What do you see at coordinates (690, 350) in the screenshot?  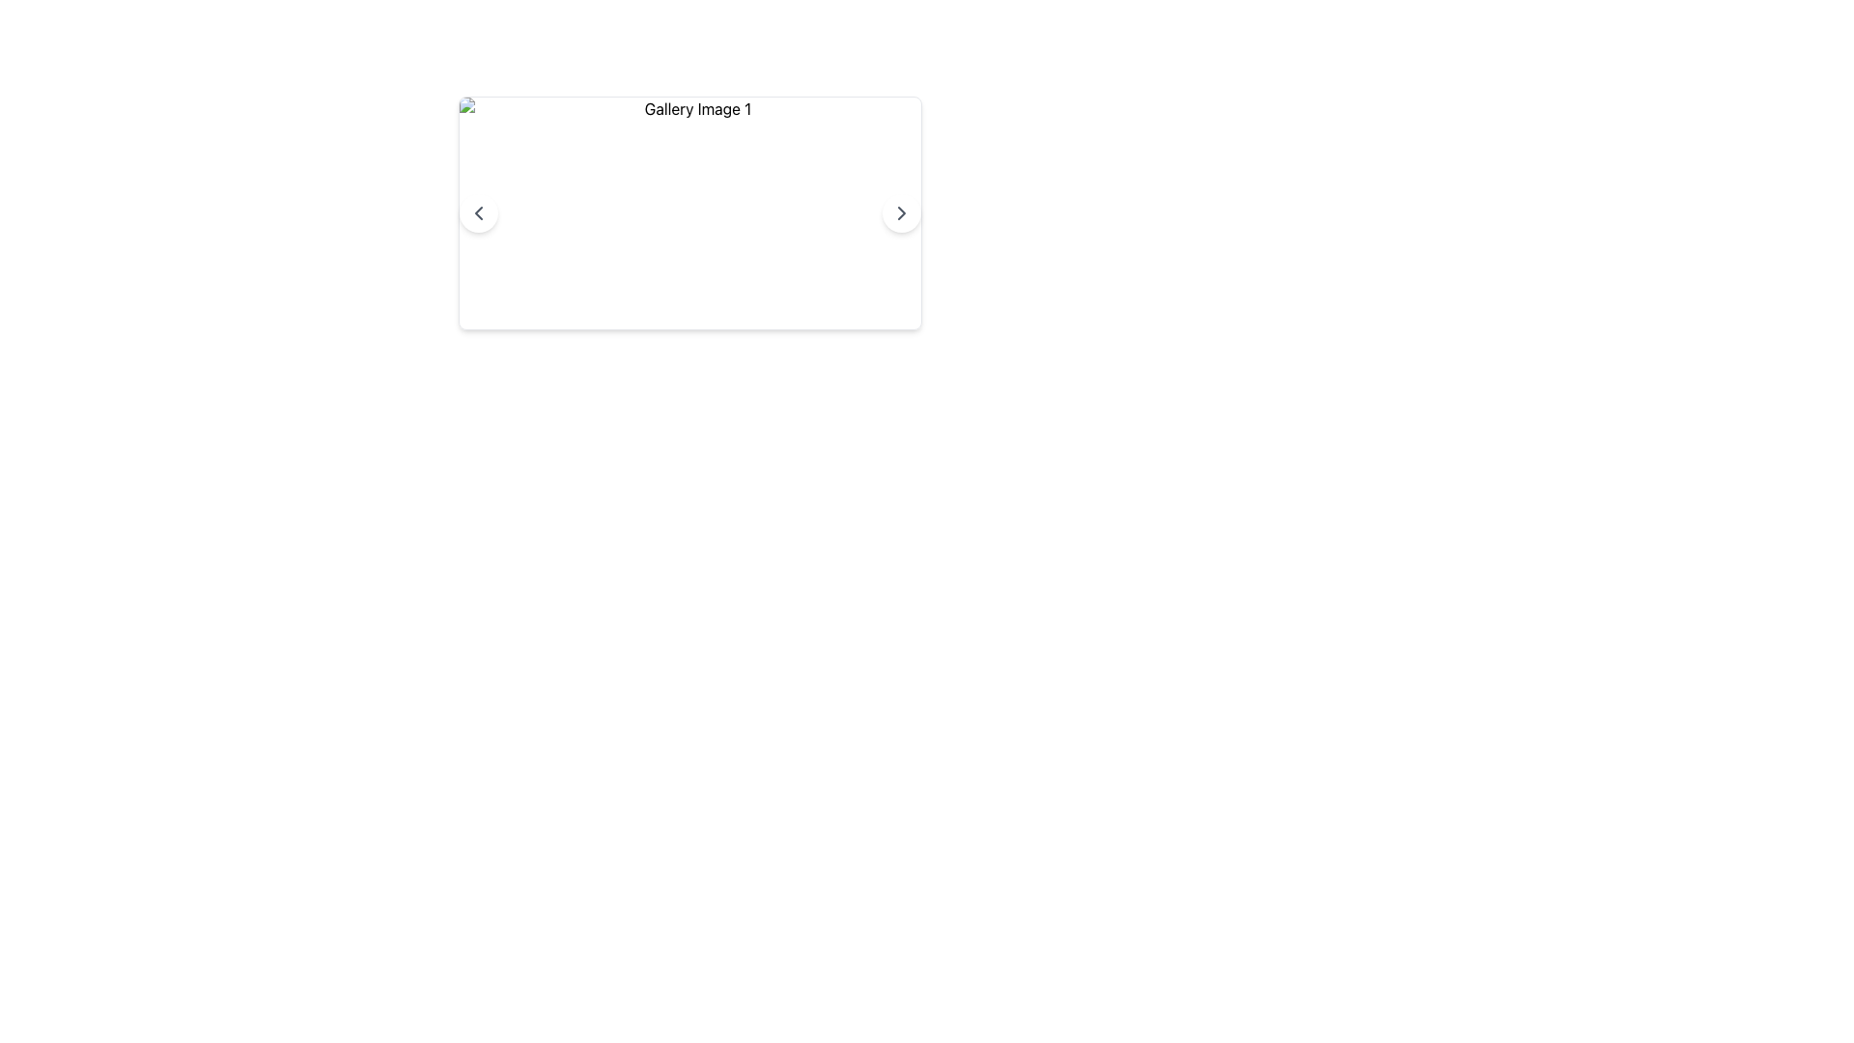 I see `the highlighted circular indicator in the Pagination Indicator located beneath the central gallery image` at bounding box center [690, 350].